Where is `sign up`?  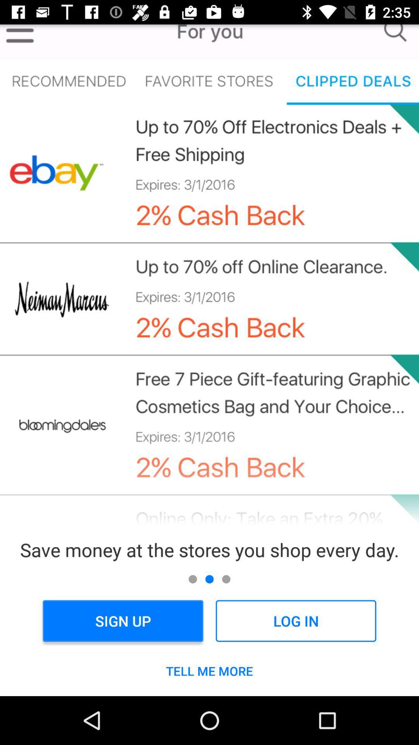
sign up is located at coordinates (123, 621).